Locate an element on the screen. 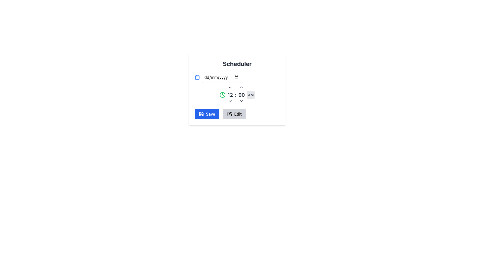 The image size is (484, 272). the clock icon, which is a green circular icon with clock hands, located to the left of the time display '12:00' in the time-setting section is located at coordinates (222, 95).